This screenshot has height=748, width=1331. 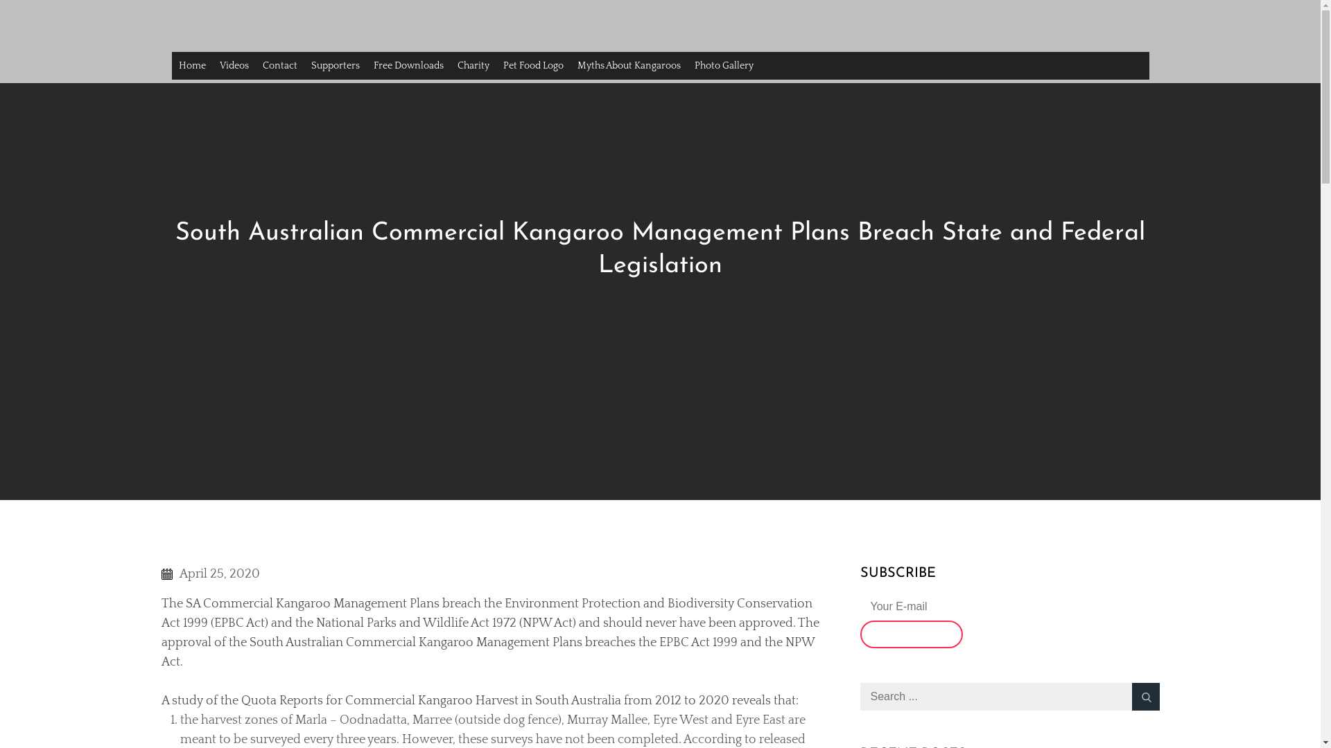 What do you see at coordinates (1145, 697) in the screenshot?
I see `'Search'` at bounding box center [1145, 697].